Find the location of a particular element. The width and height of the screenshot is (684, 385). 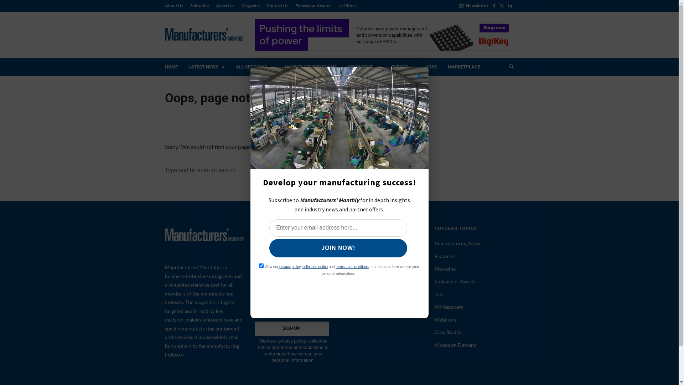

'Newsletter' is located at coordinates (473, 5).